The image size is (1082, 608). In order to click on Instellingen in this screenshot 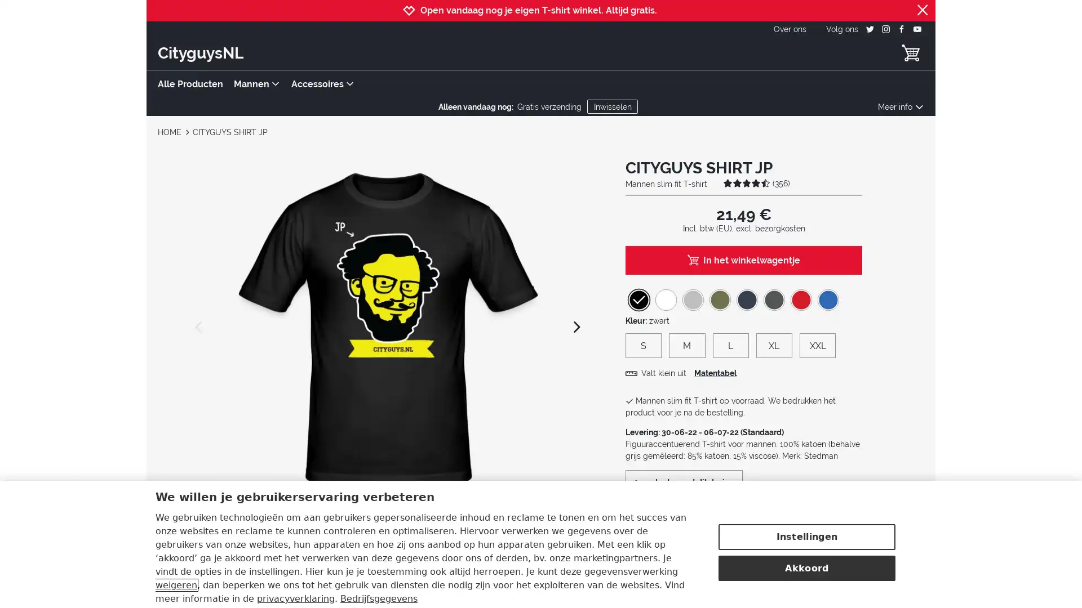, I will do `click(806, 512)`.